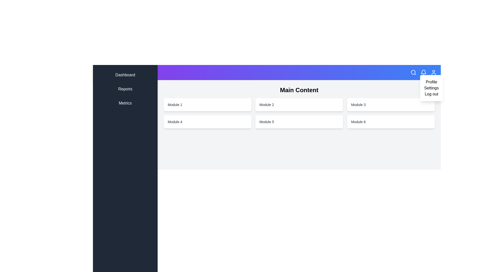 Image resolution: width=485 pixels, height=272 pixels. Describe the element at coordinates (431, 94) in the screenshot. I see `the 'Log Out' hyperlink located as the last item in the dropdown menu in the top-right area of the interface to change its appearance` at that location.